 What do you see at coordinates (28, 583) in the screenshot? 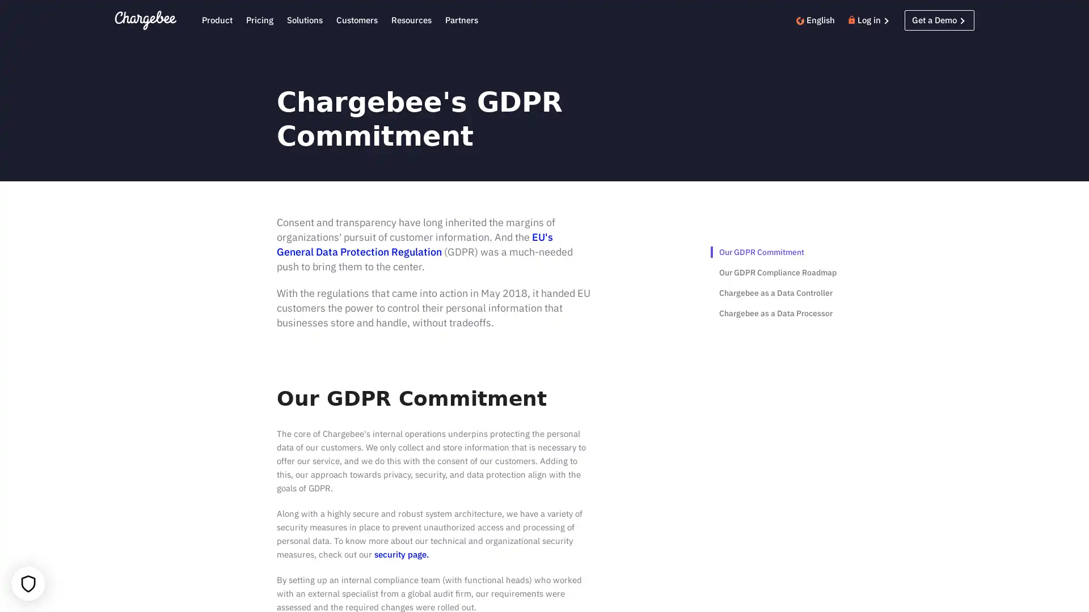
I see `Your cookie settings` at bounding box center [28, 583].